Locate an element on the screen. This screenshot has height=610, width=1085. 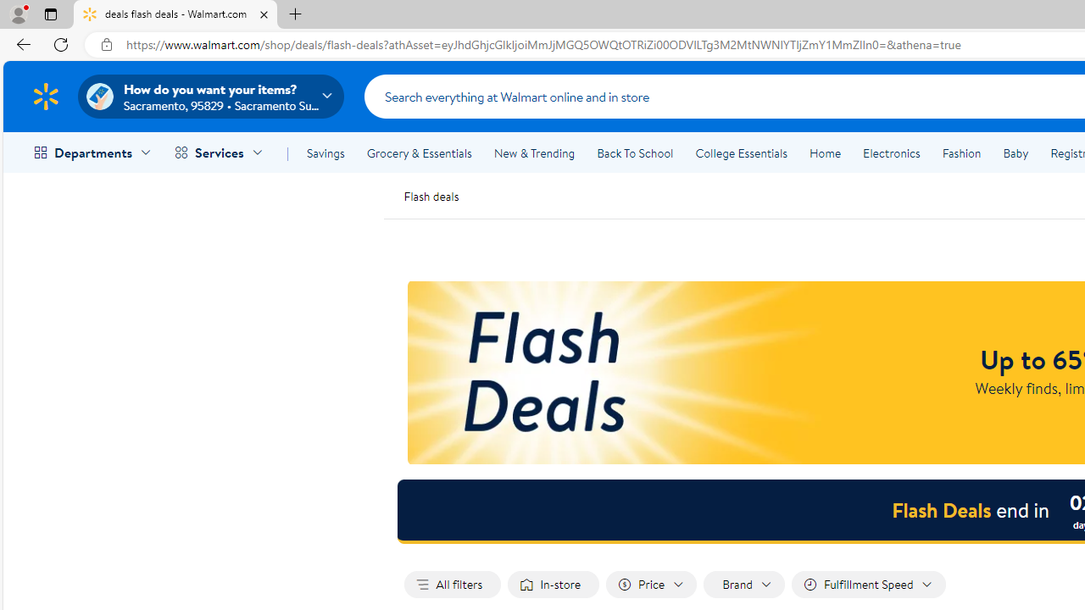
'New & Trending' is located at coordinates (534, 153).